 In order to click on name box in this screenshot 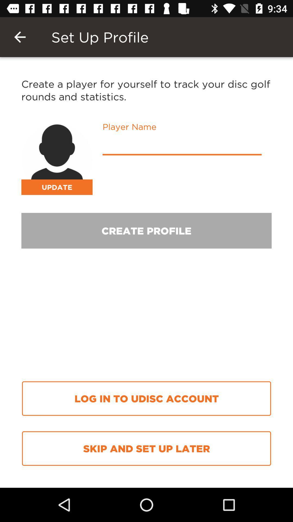, I will do `click(182, 146)`.